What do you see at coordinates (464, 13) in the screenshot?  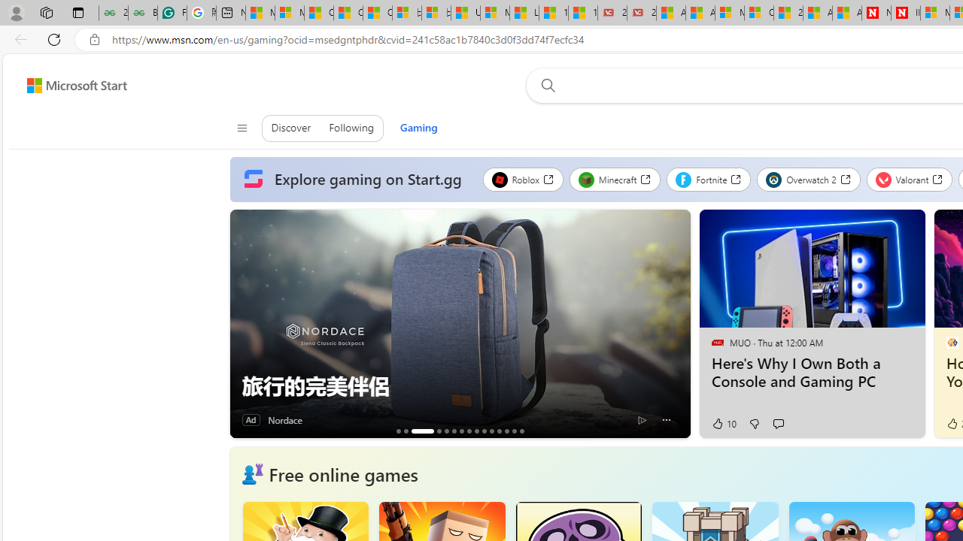 I see `'USA TODAY - MSN'` at bounding box center [464, 13].